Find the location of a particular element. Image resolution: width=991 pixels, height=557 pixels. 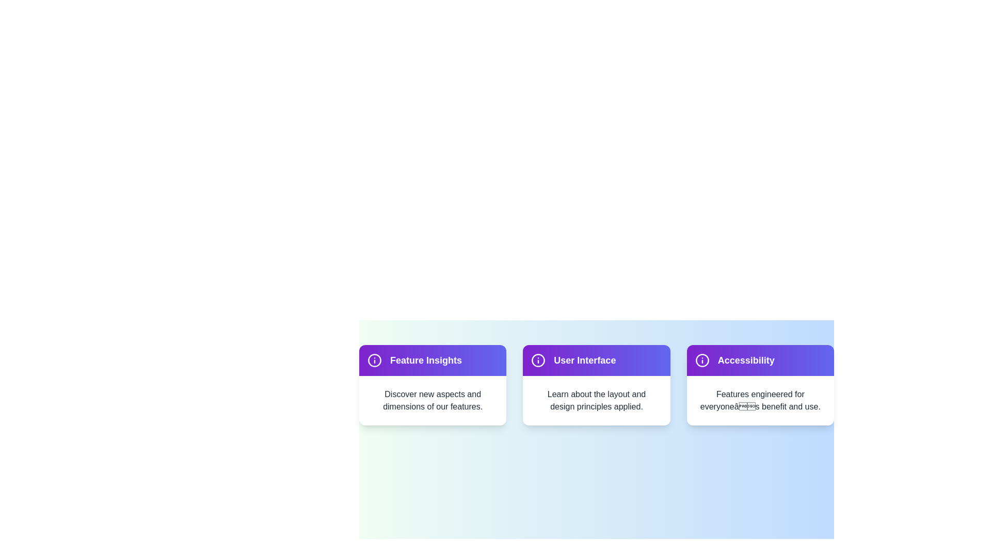

the informational icon located in the 'User Interface' section, which is the second card icon among three is located at coordinates (538, 359).